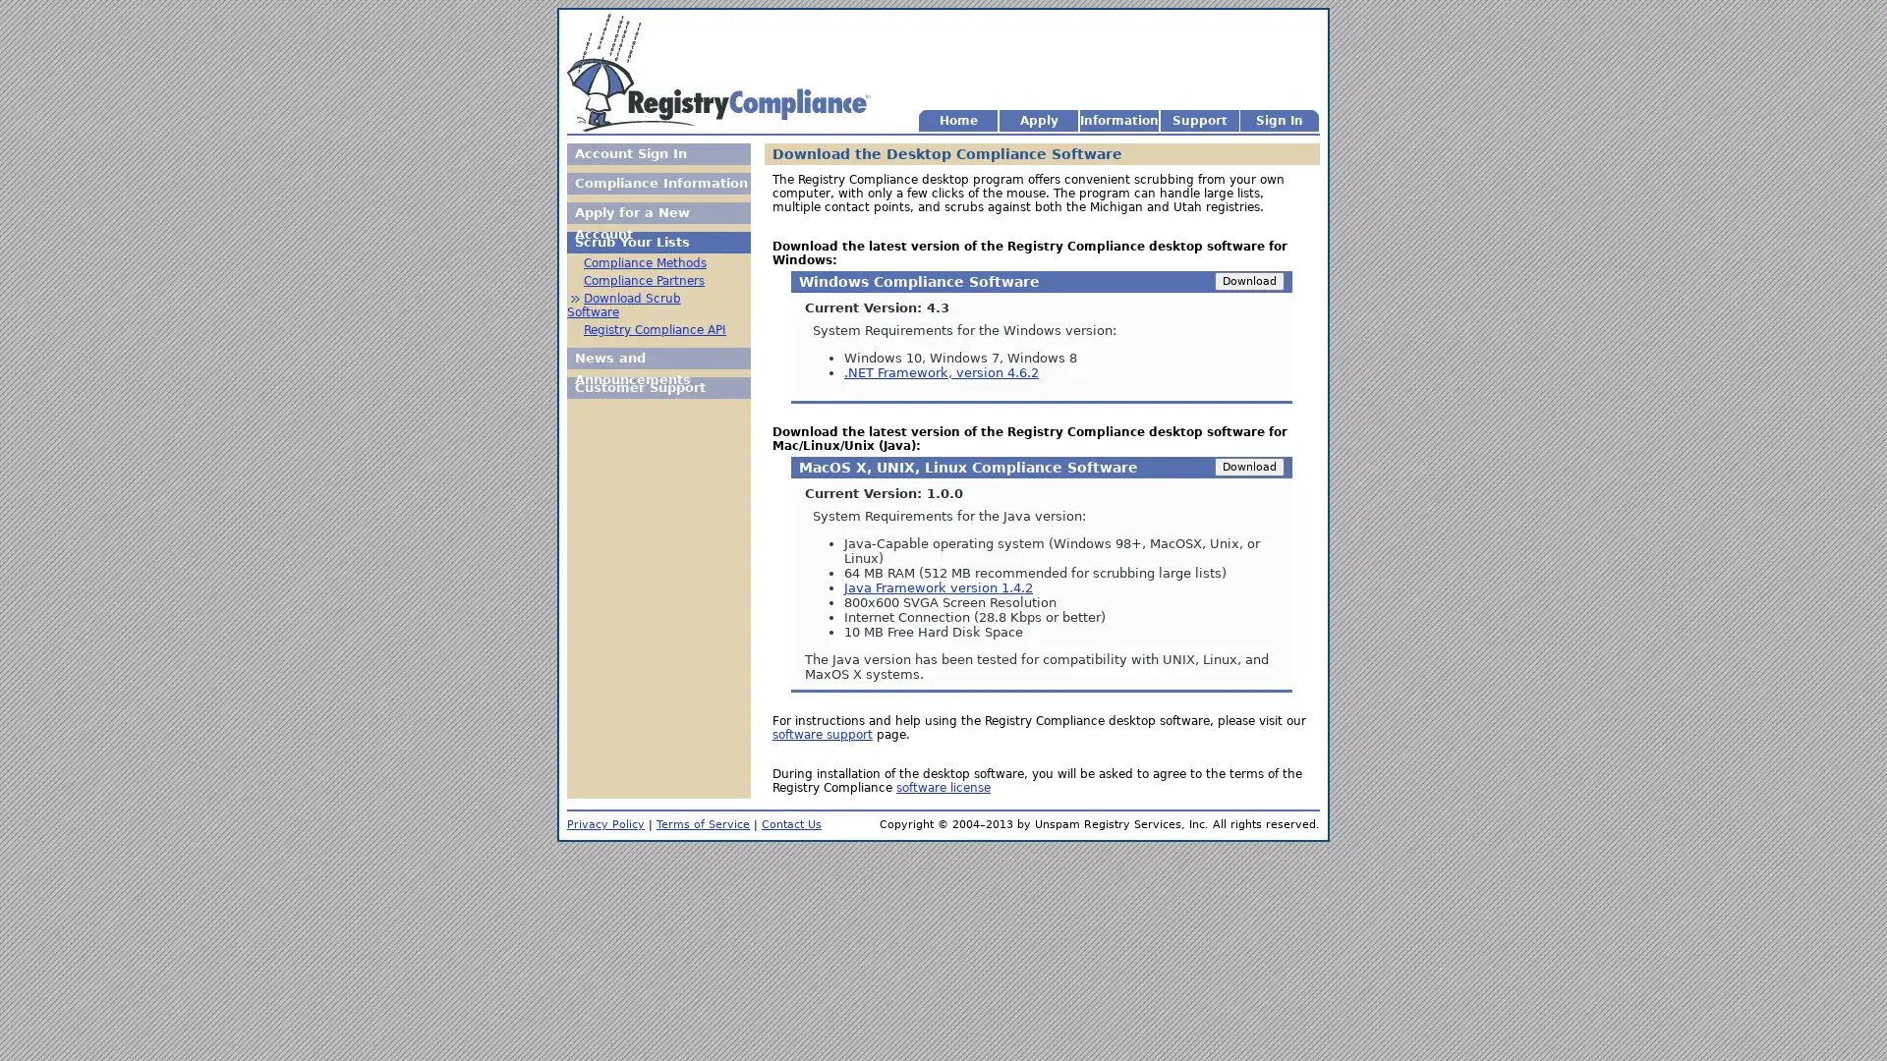 The width and height of the screenshot is (1887, 1061). What do you see at coordinates (1248, 467) in the screenshot?
I see `Download` at bounding box center [1248, 467].